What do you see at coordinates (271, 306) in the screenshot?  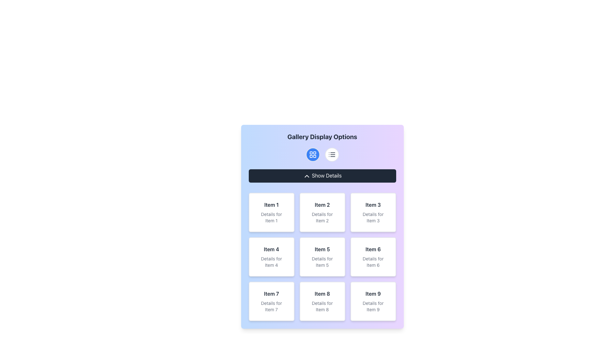 I see `the text label providing additional details related to 'Item 7'` at bounding box center [271, 306].